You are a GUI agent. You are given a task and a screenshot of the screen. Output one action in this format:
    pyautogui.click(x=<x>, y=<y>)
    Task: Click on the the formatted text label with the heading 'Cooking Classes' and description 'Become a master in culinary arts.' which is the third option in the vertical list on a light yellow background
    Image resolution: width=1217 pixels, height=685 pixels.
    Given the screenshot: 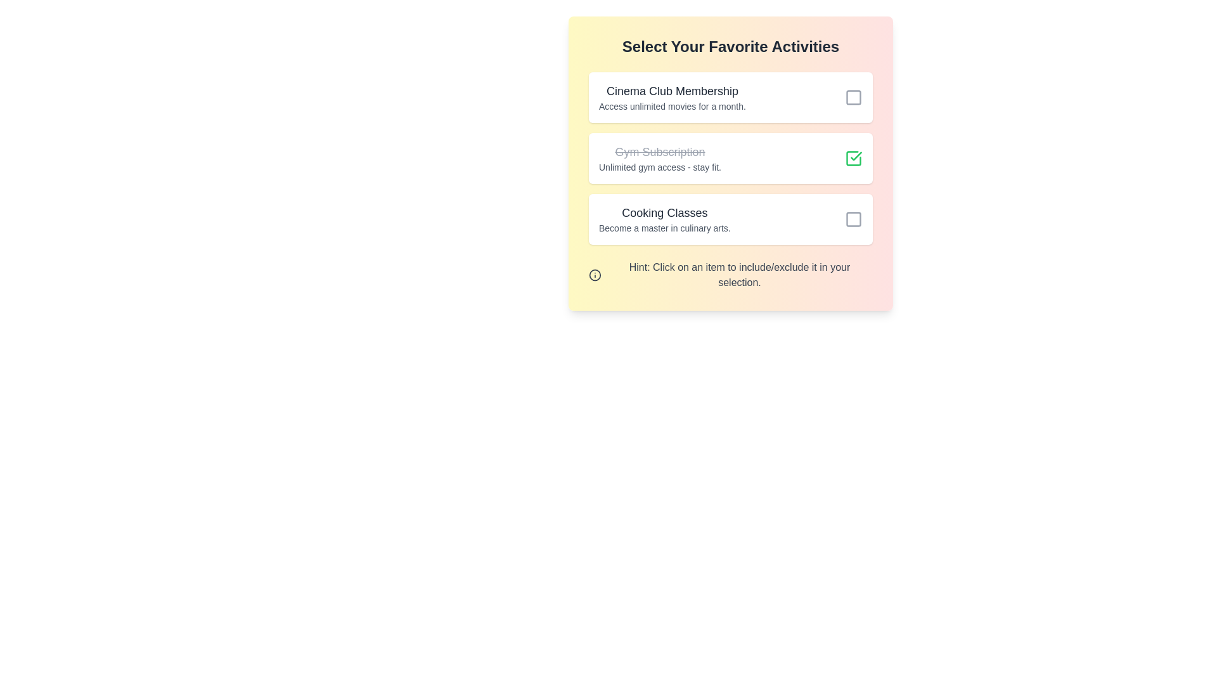 What is the action you would take?
    pyautogui.click(x=664, y=219)
    